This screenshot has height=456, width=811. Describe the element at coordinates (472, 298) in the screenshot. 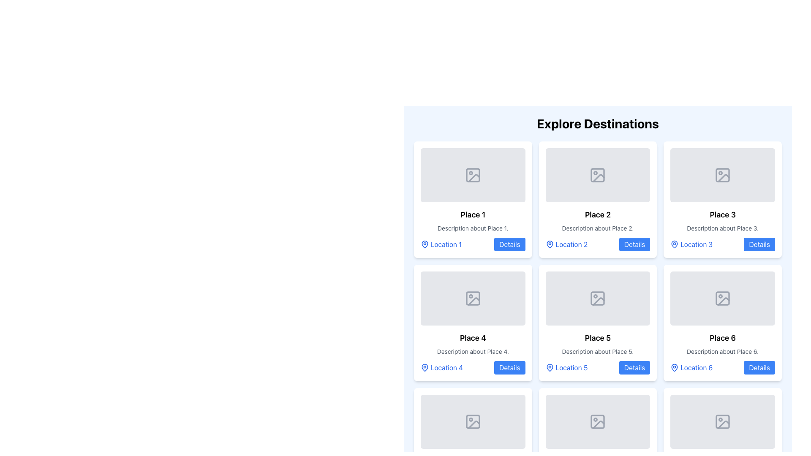

I see `the image placeholder located at the top section of the Place 4 card to load an image` at that location.